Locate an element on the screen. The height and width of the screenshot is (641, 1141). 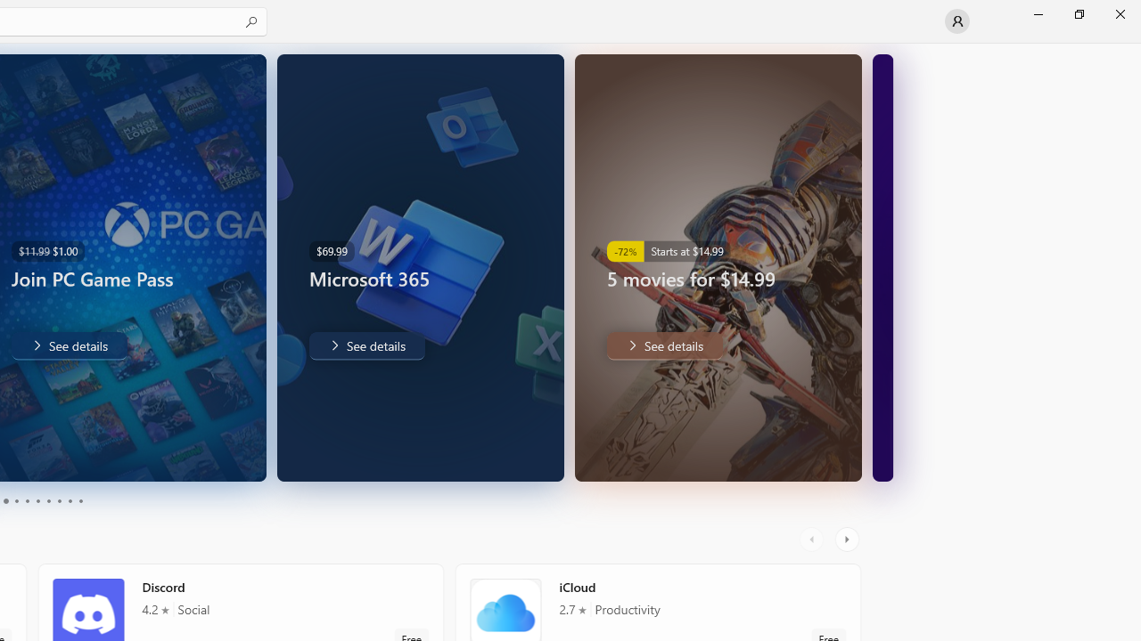
'AutomationID: LeftScrollButton' is located at coordinates (813, 539).